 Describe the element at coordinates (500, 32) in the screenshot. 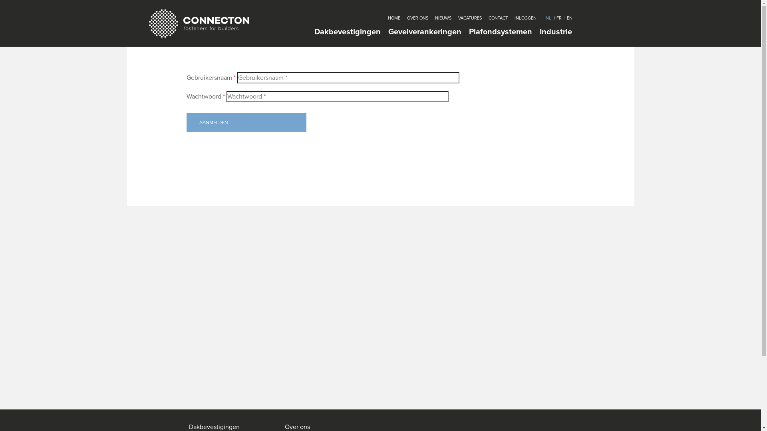

I see `'Plafondsystemen'` at that location.